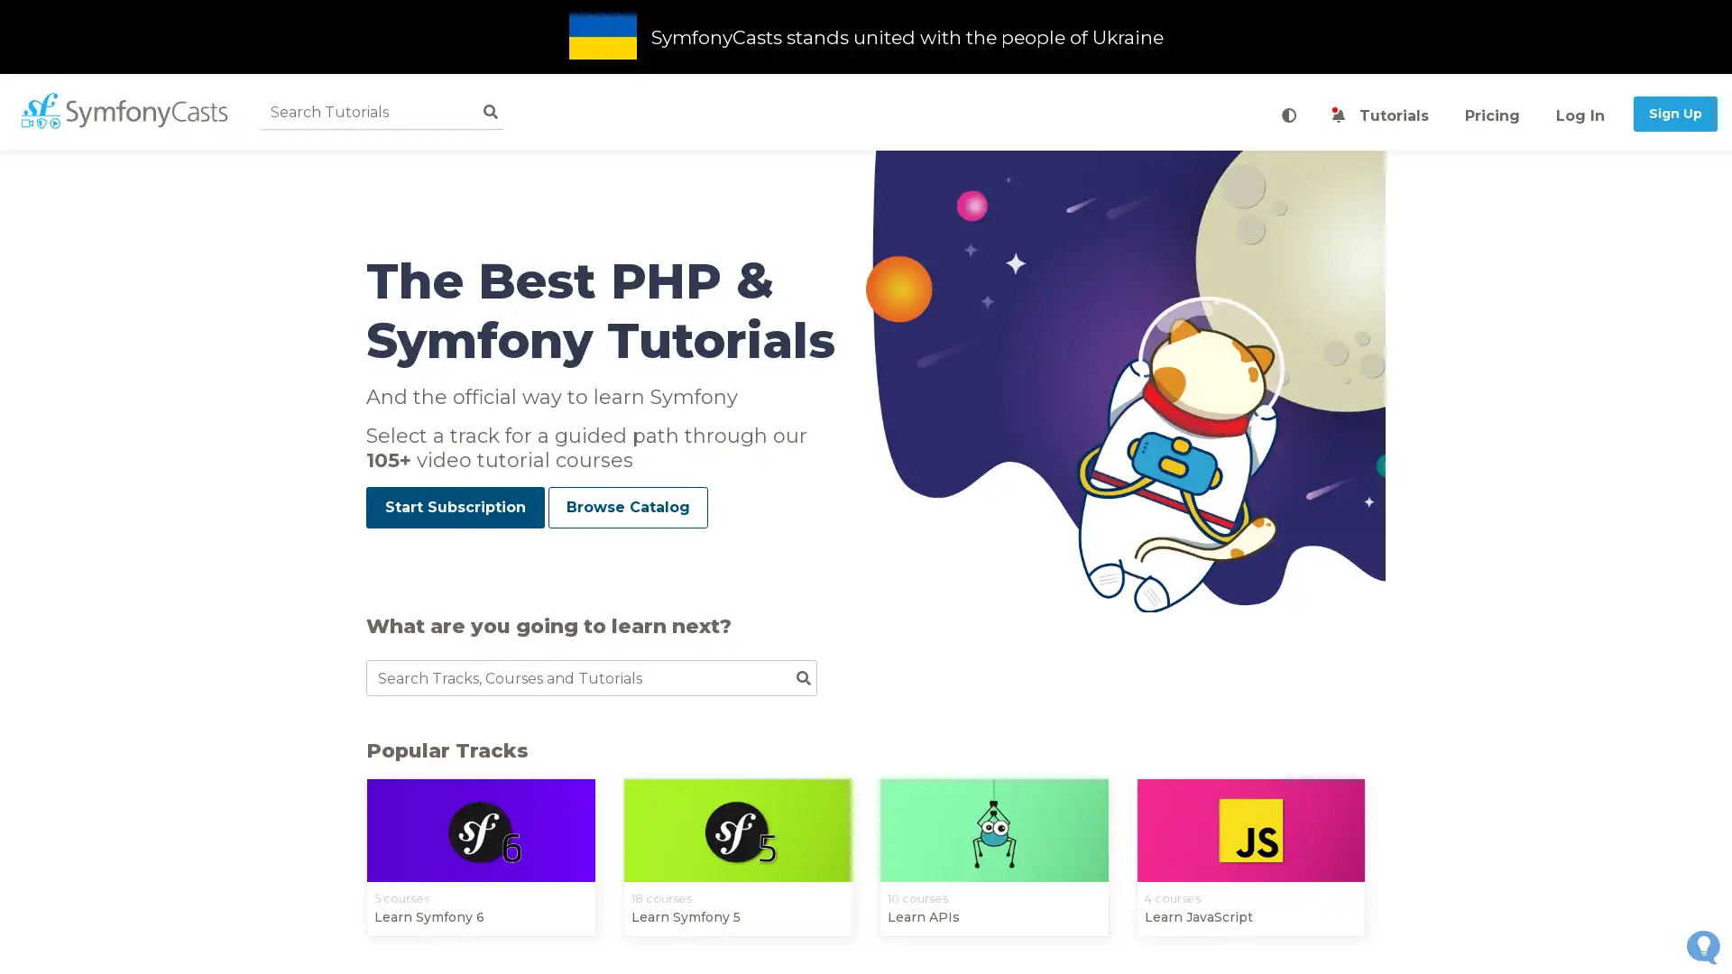 The image size is (1732, 974). What do you see at coordinates (1702, 946) in the screenshot?
I see `Open Feedback Widget` at bounding box center [1702, 946].